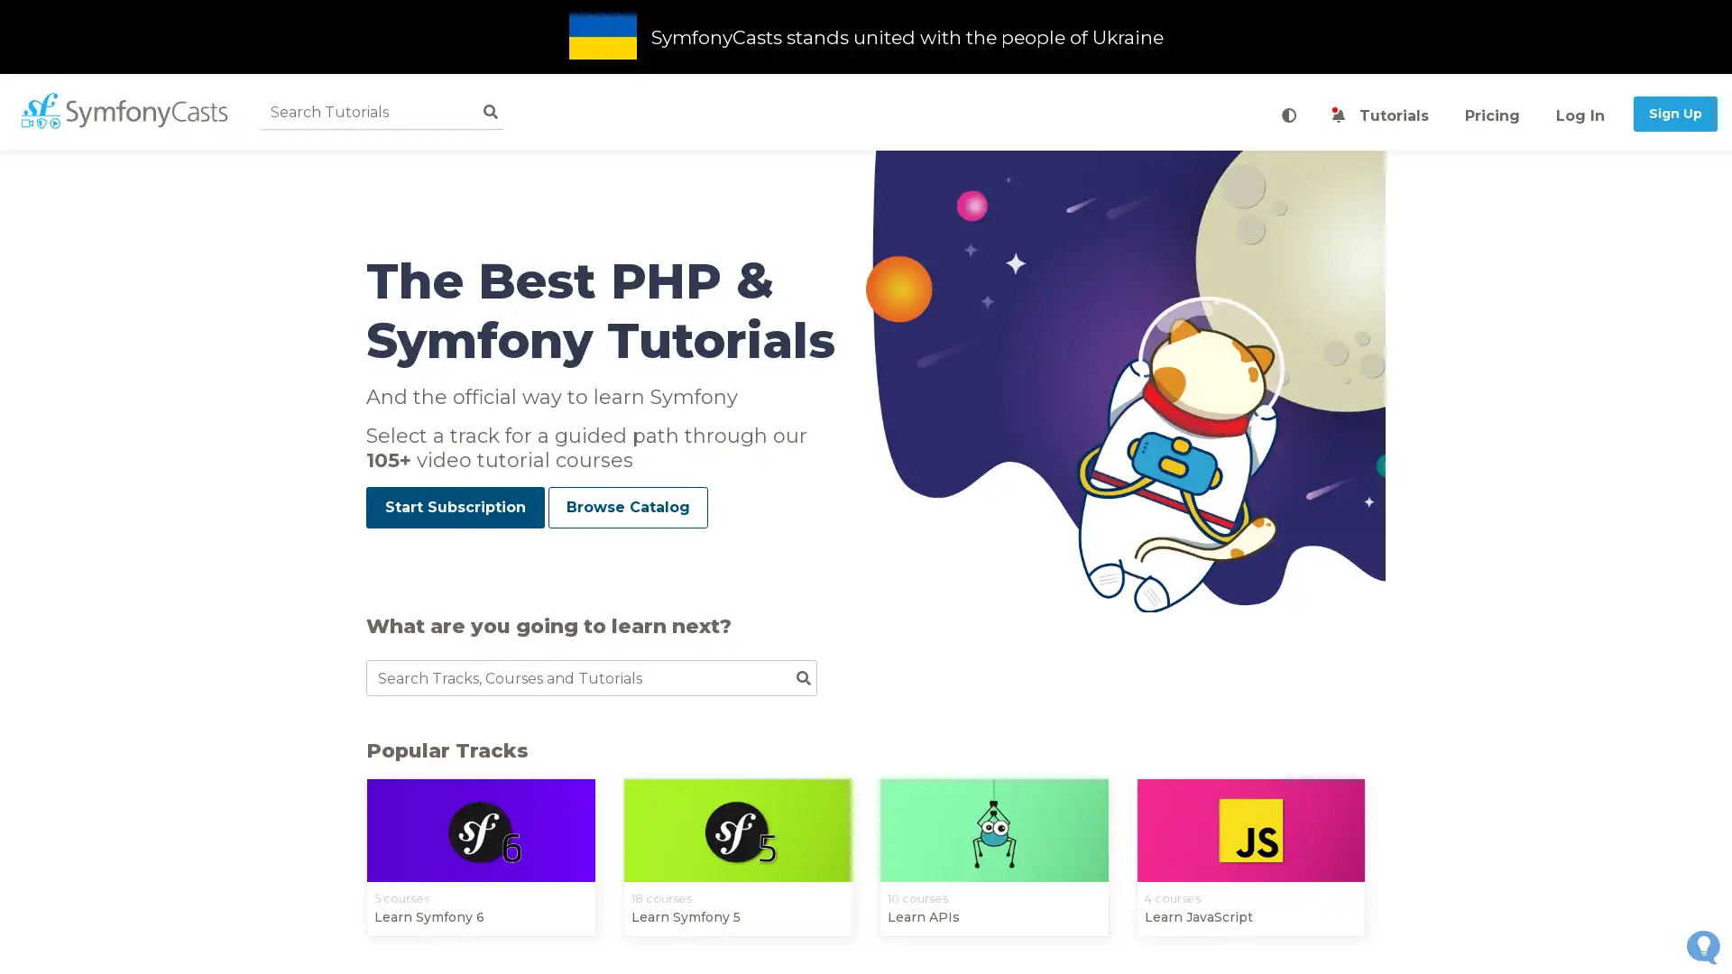 The image size is (1732, 974). What do you see at coordinates (1702, 946) in the screenshot?
I see `Open Feedback Widget` at bounding box center [1702, 946].